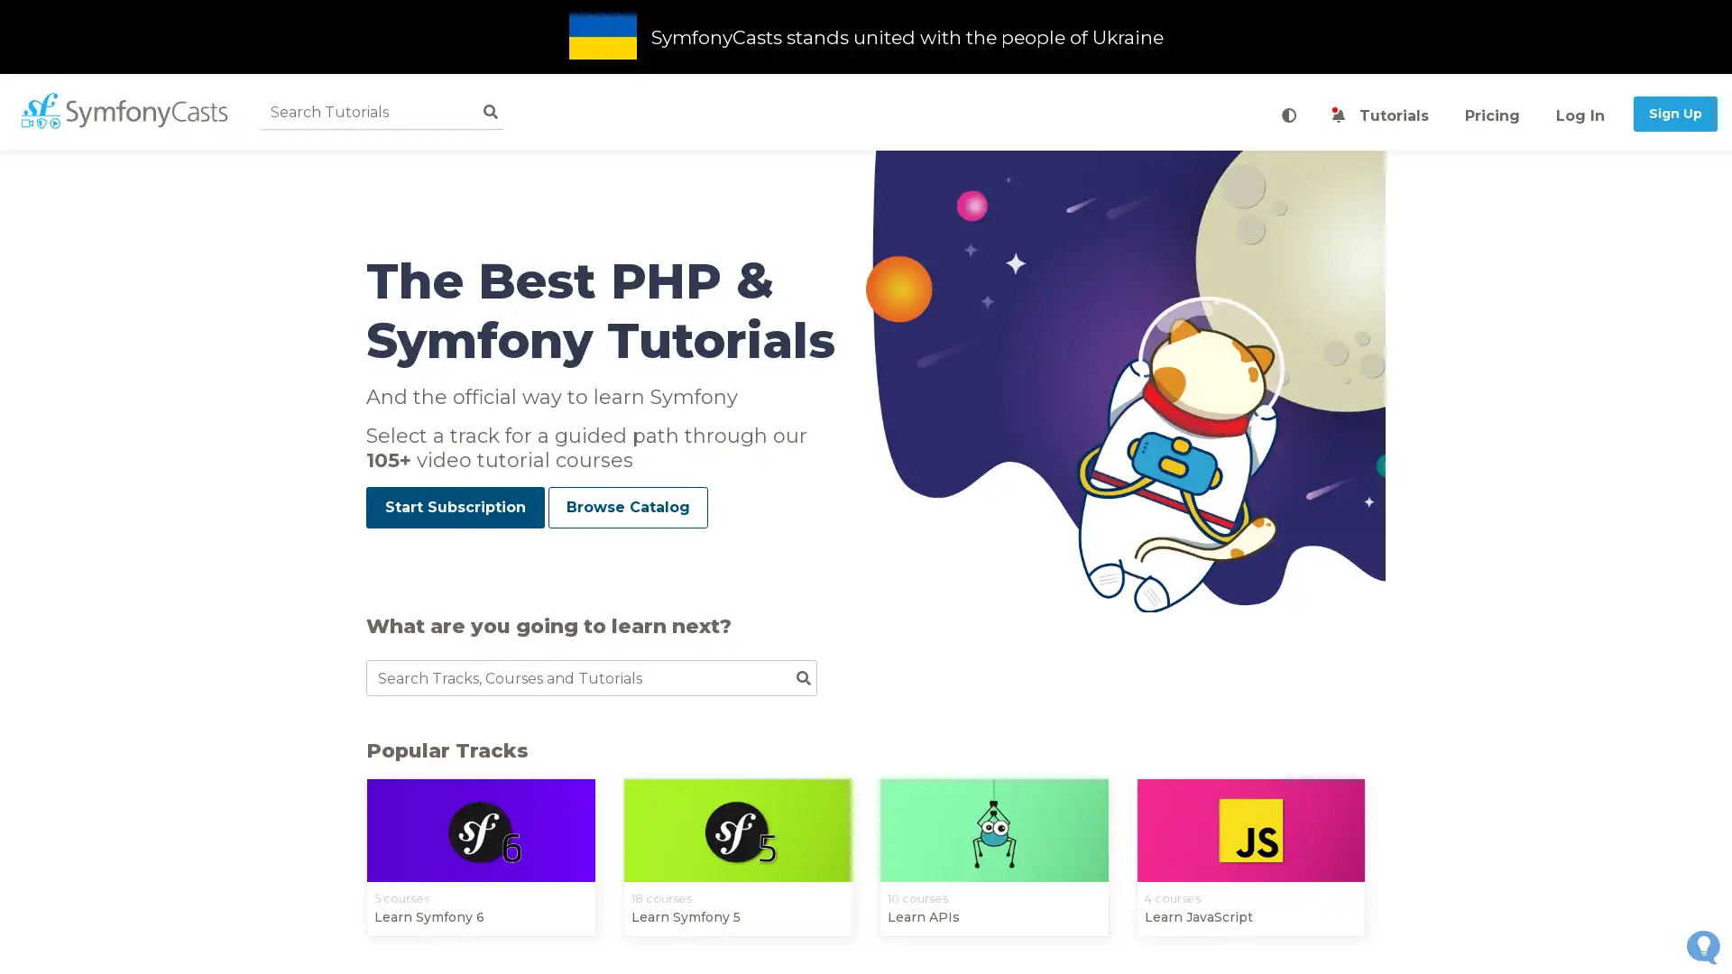 The image size is (1732, 974). What do you see at coordinates (1702, 946) in the screenshot?
I see `Open Feedback Widget` at bounding box center [1702, 946].